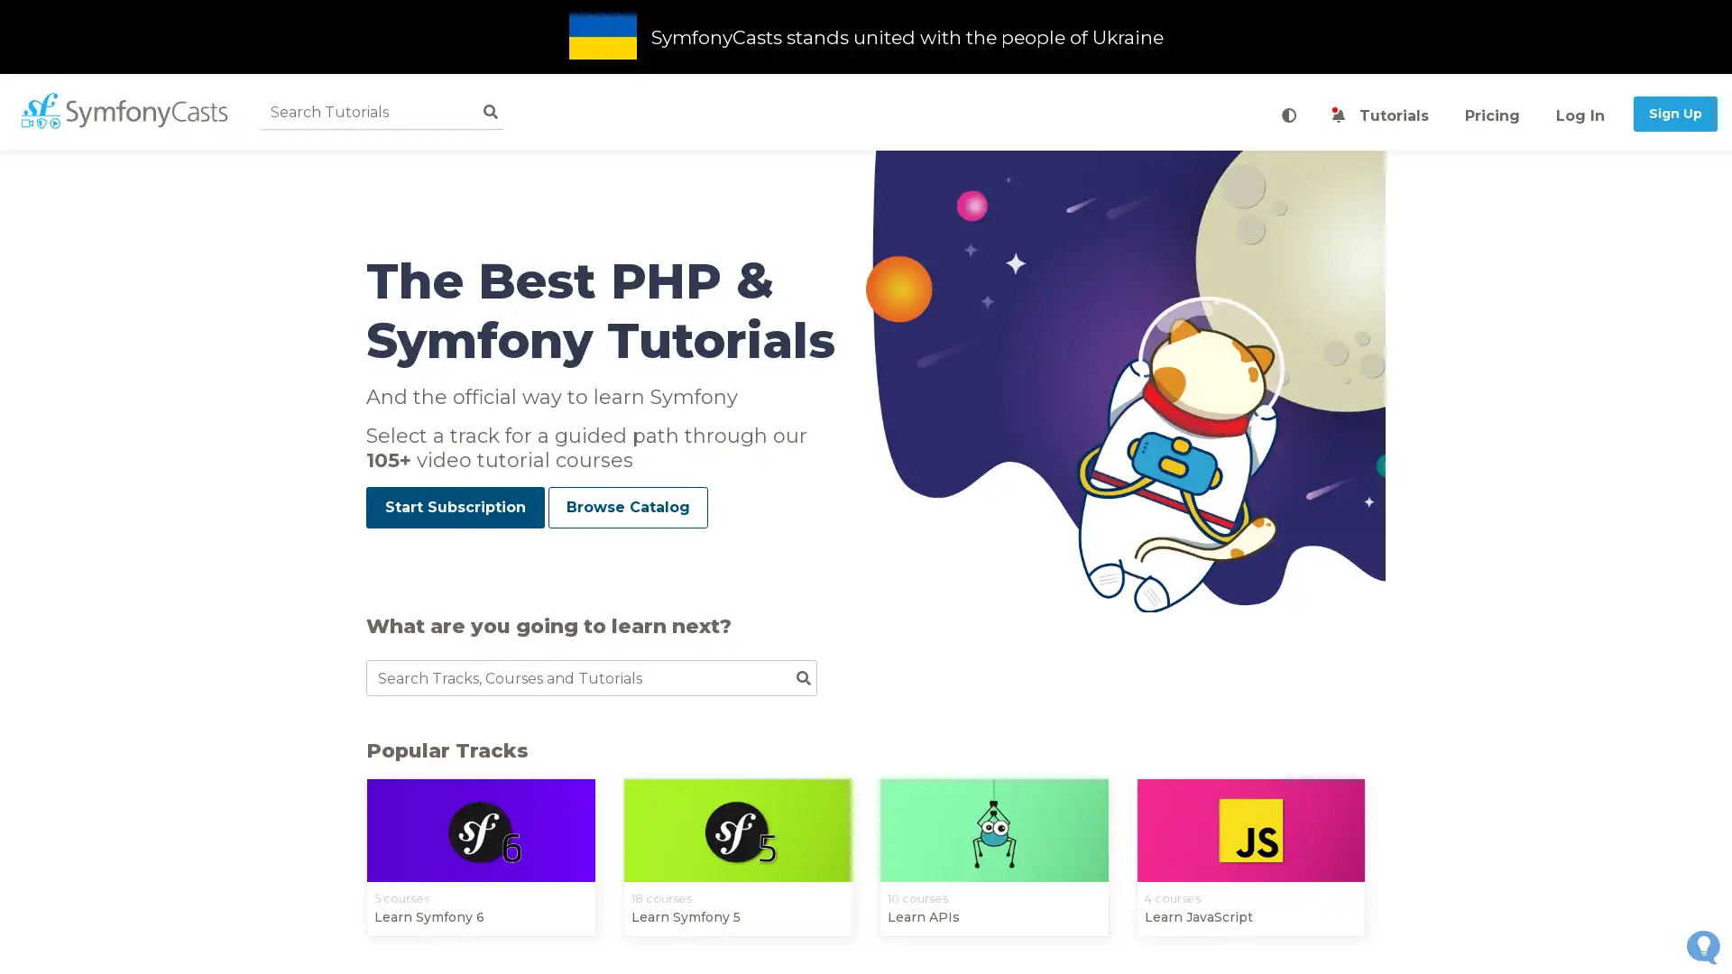 The image size is (1732, 974). What do you see at coordinates (1702, 946) in the screenshot?
I see `Open Feedback Widget` at bounding box center [1702, 946].